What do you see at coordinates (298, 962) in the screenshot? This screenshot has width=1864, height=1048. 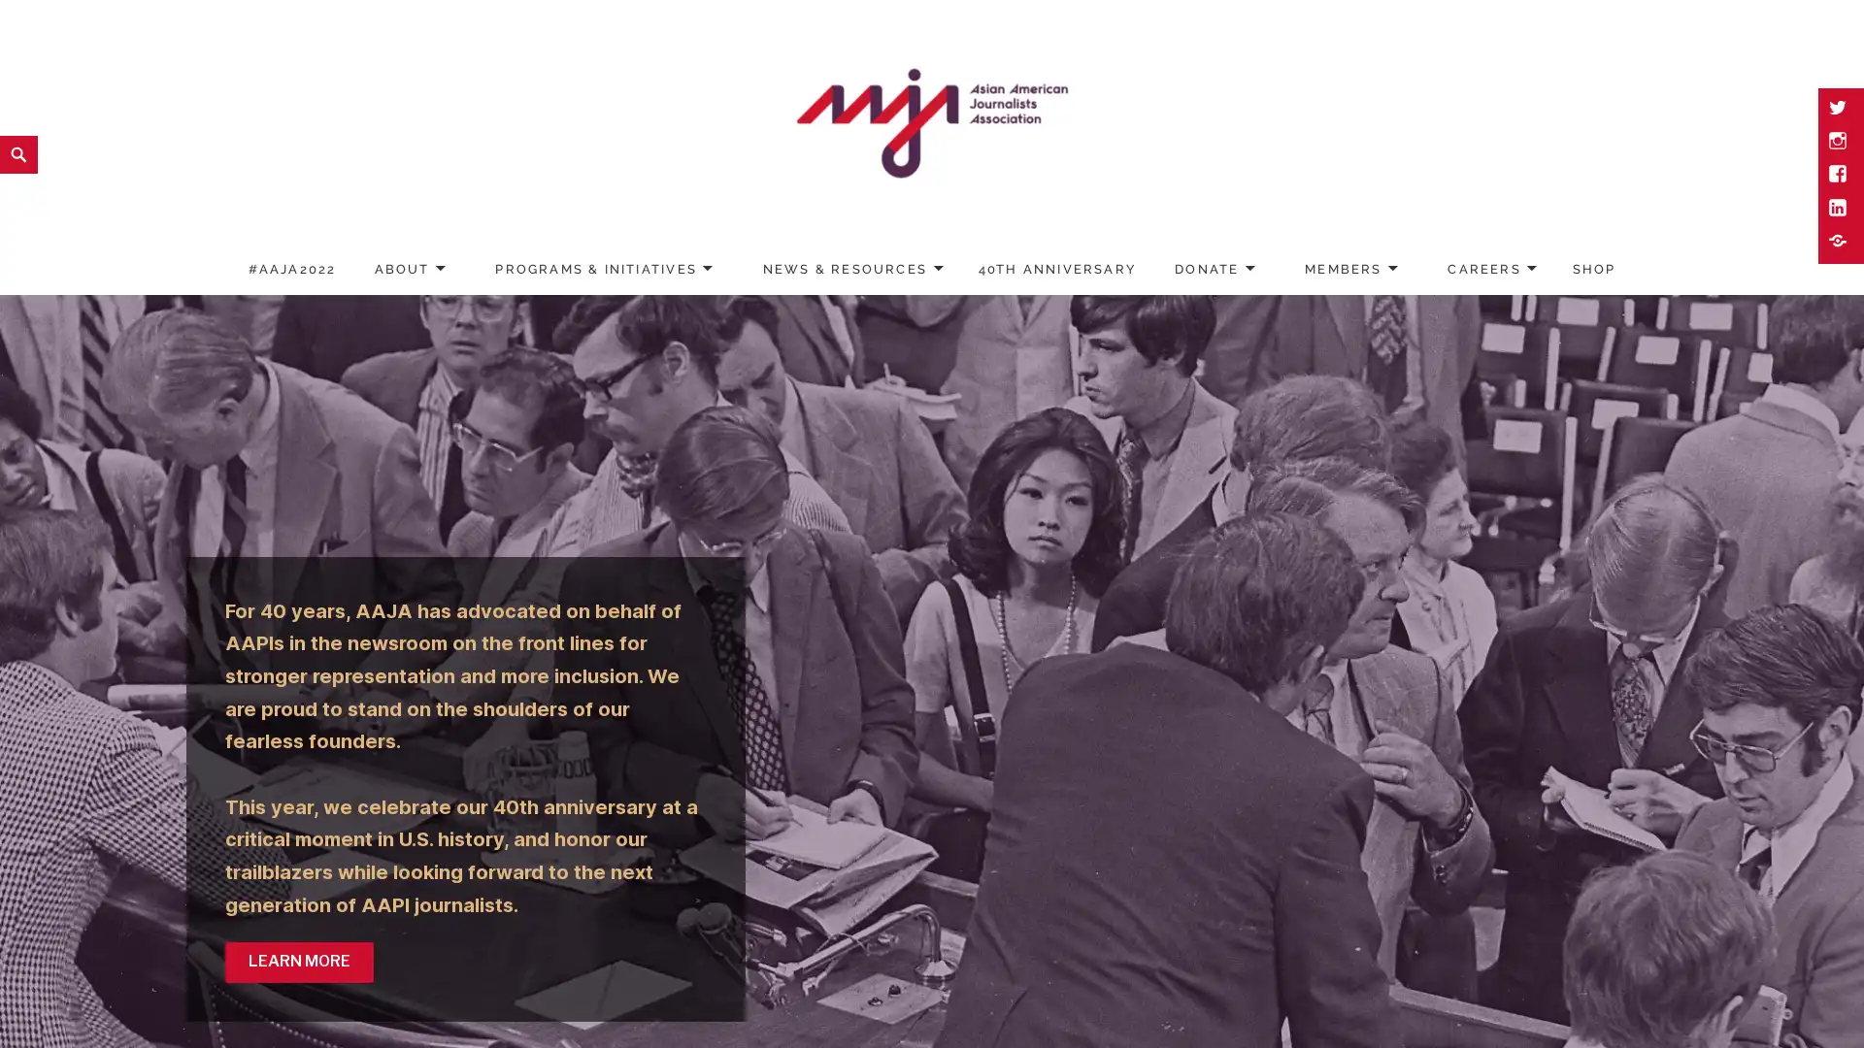 I see `LEARN MORE` at bounding box center [298, 962].